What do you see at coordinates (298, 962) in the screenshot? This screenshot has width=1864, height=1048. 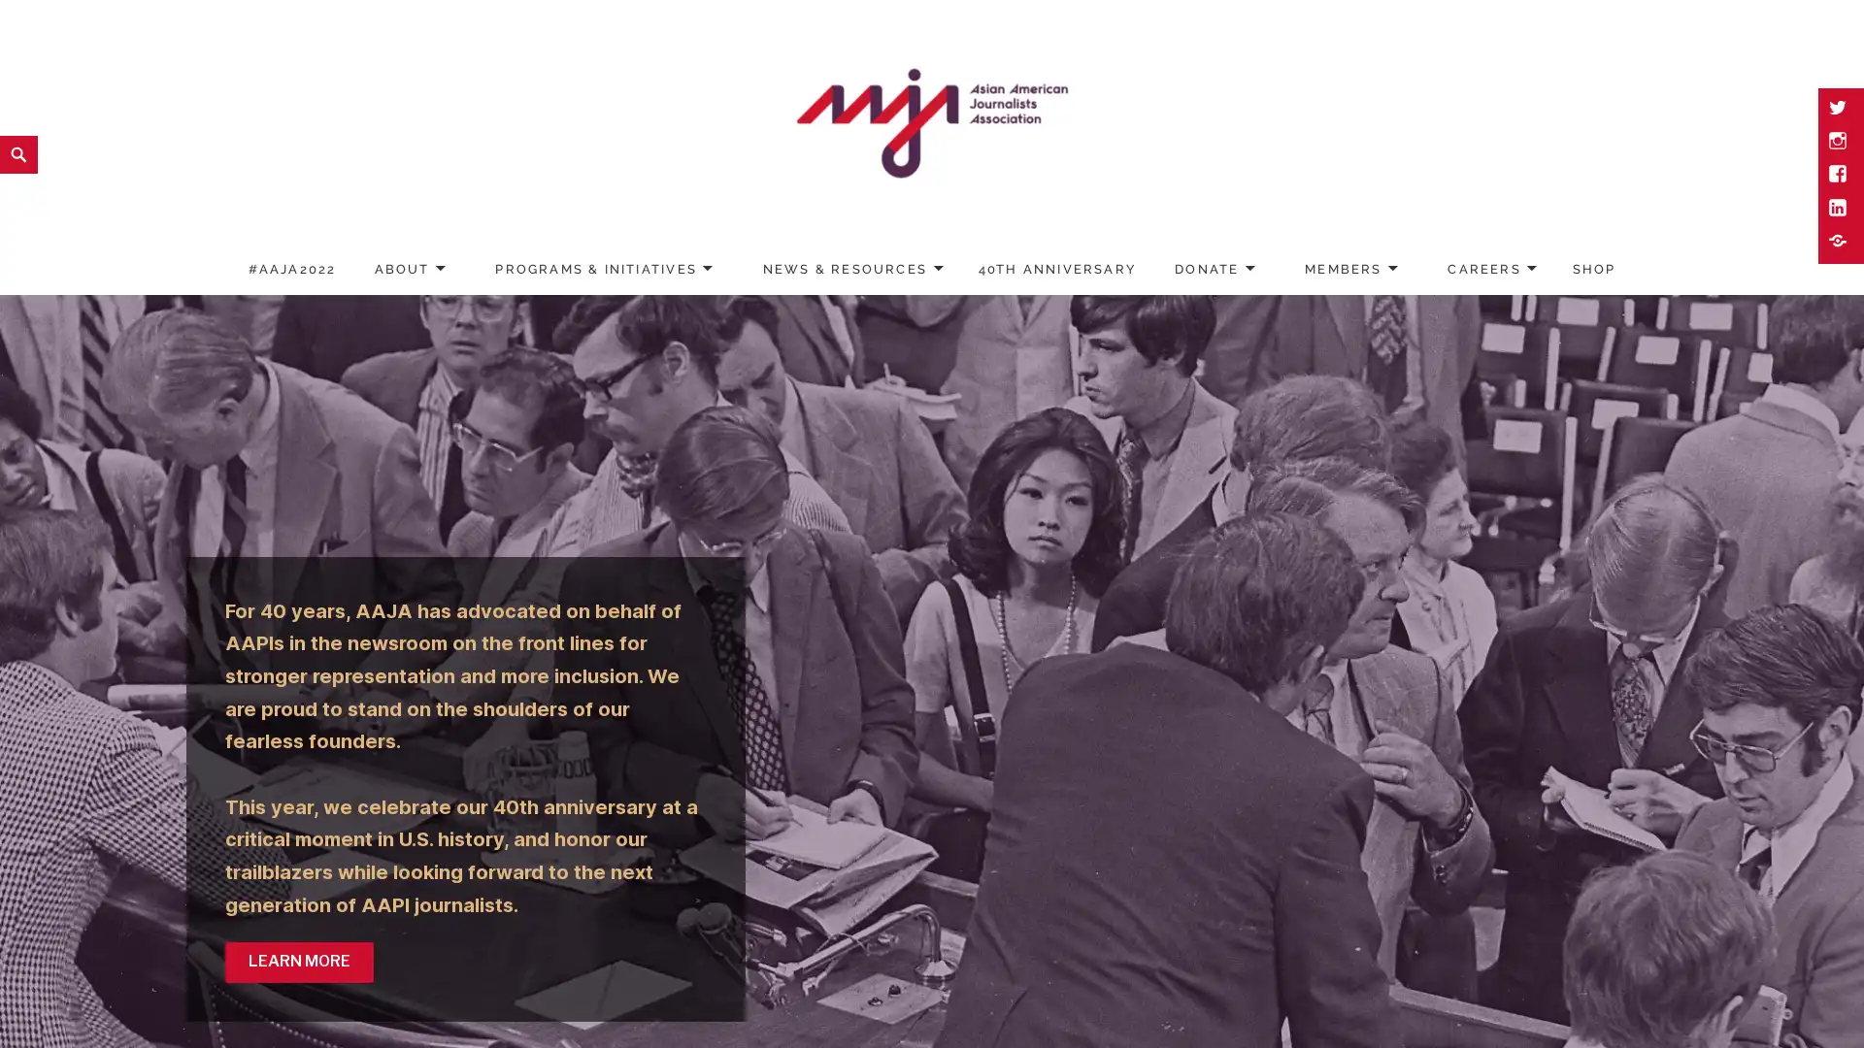 I see `LEARN MORE` at bounding box center [298, 962].